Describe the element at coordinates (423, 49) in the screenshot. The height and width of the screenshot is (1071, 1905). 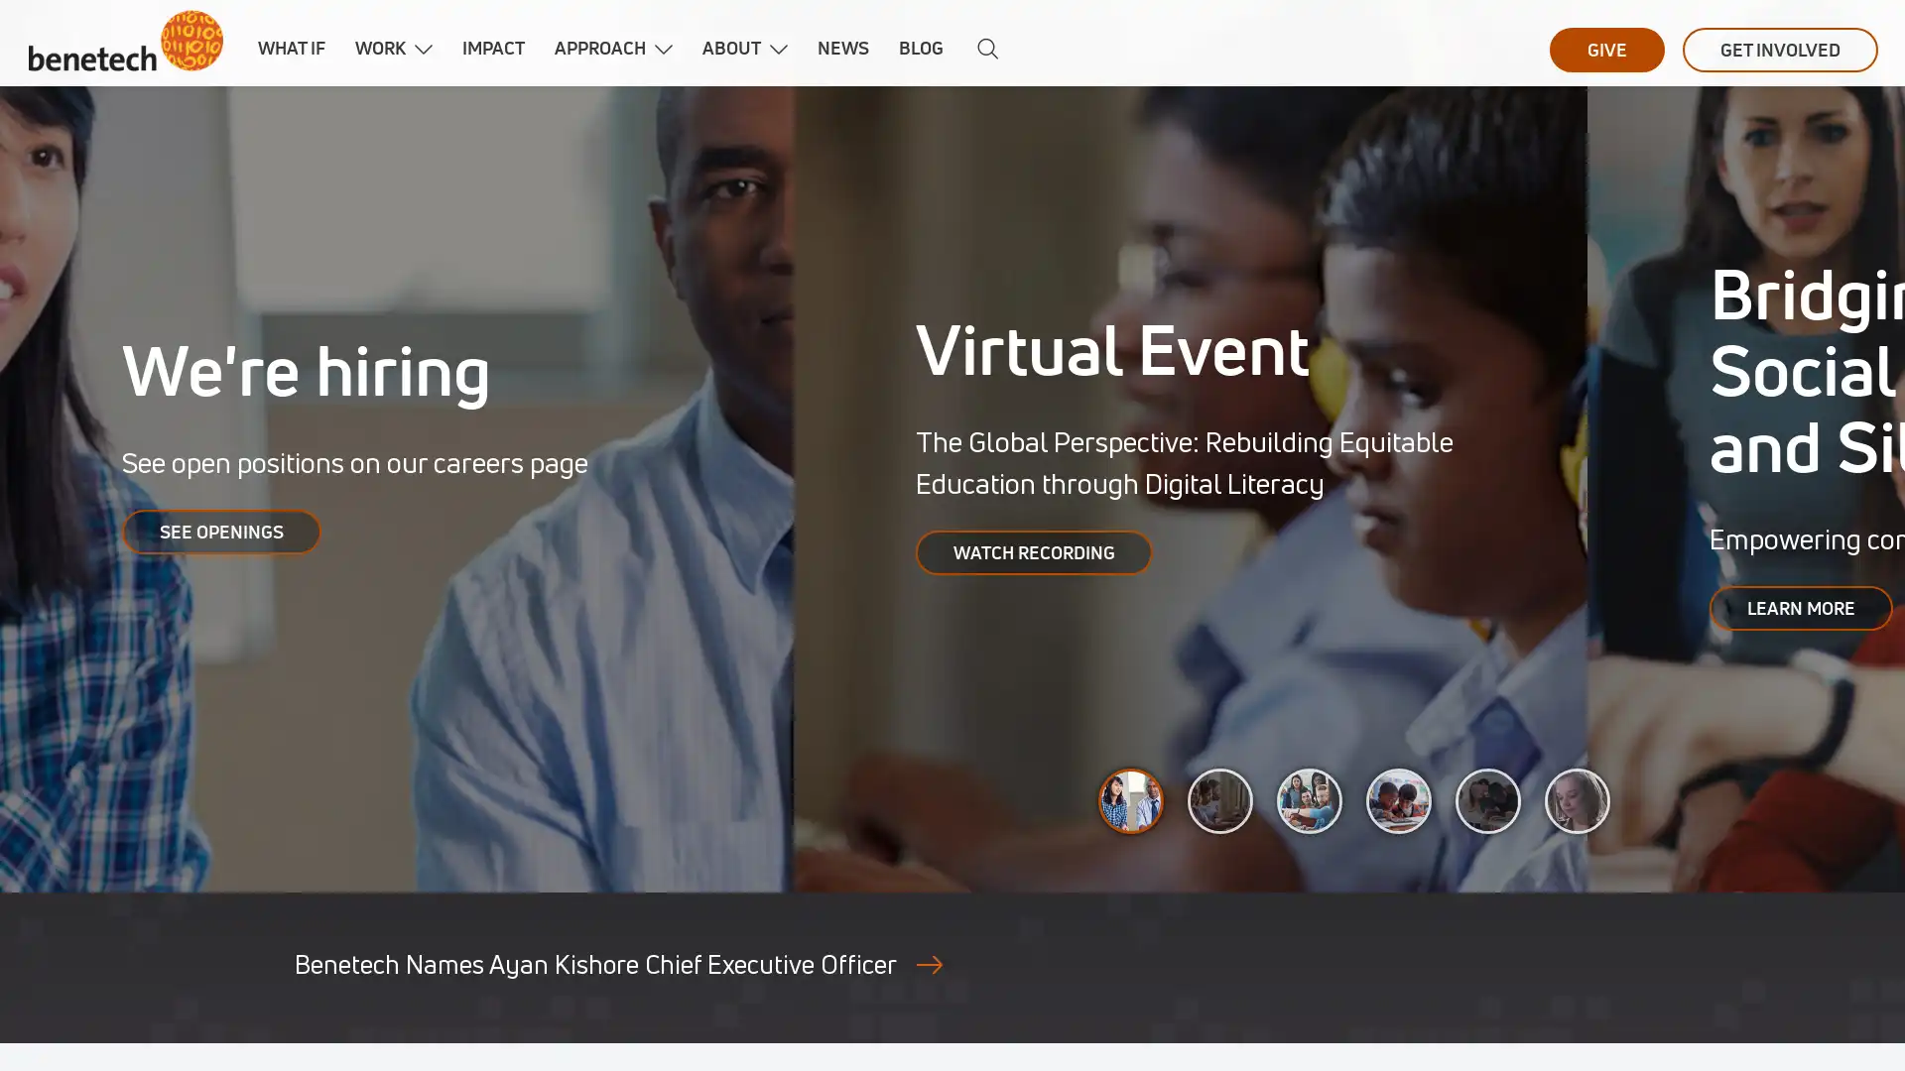
I see `Show dropdown menu for Work` at that location.